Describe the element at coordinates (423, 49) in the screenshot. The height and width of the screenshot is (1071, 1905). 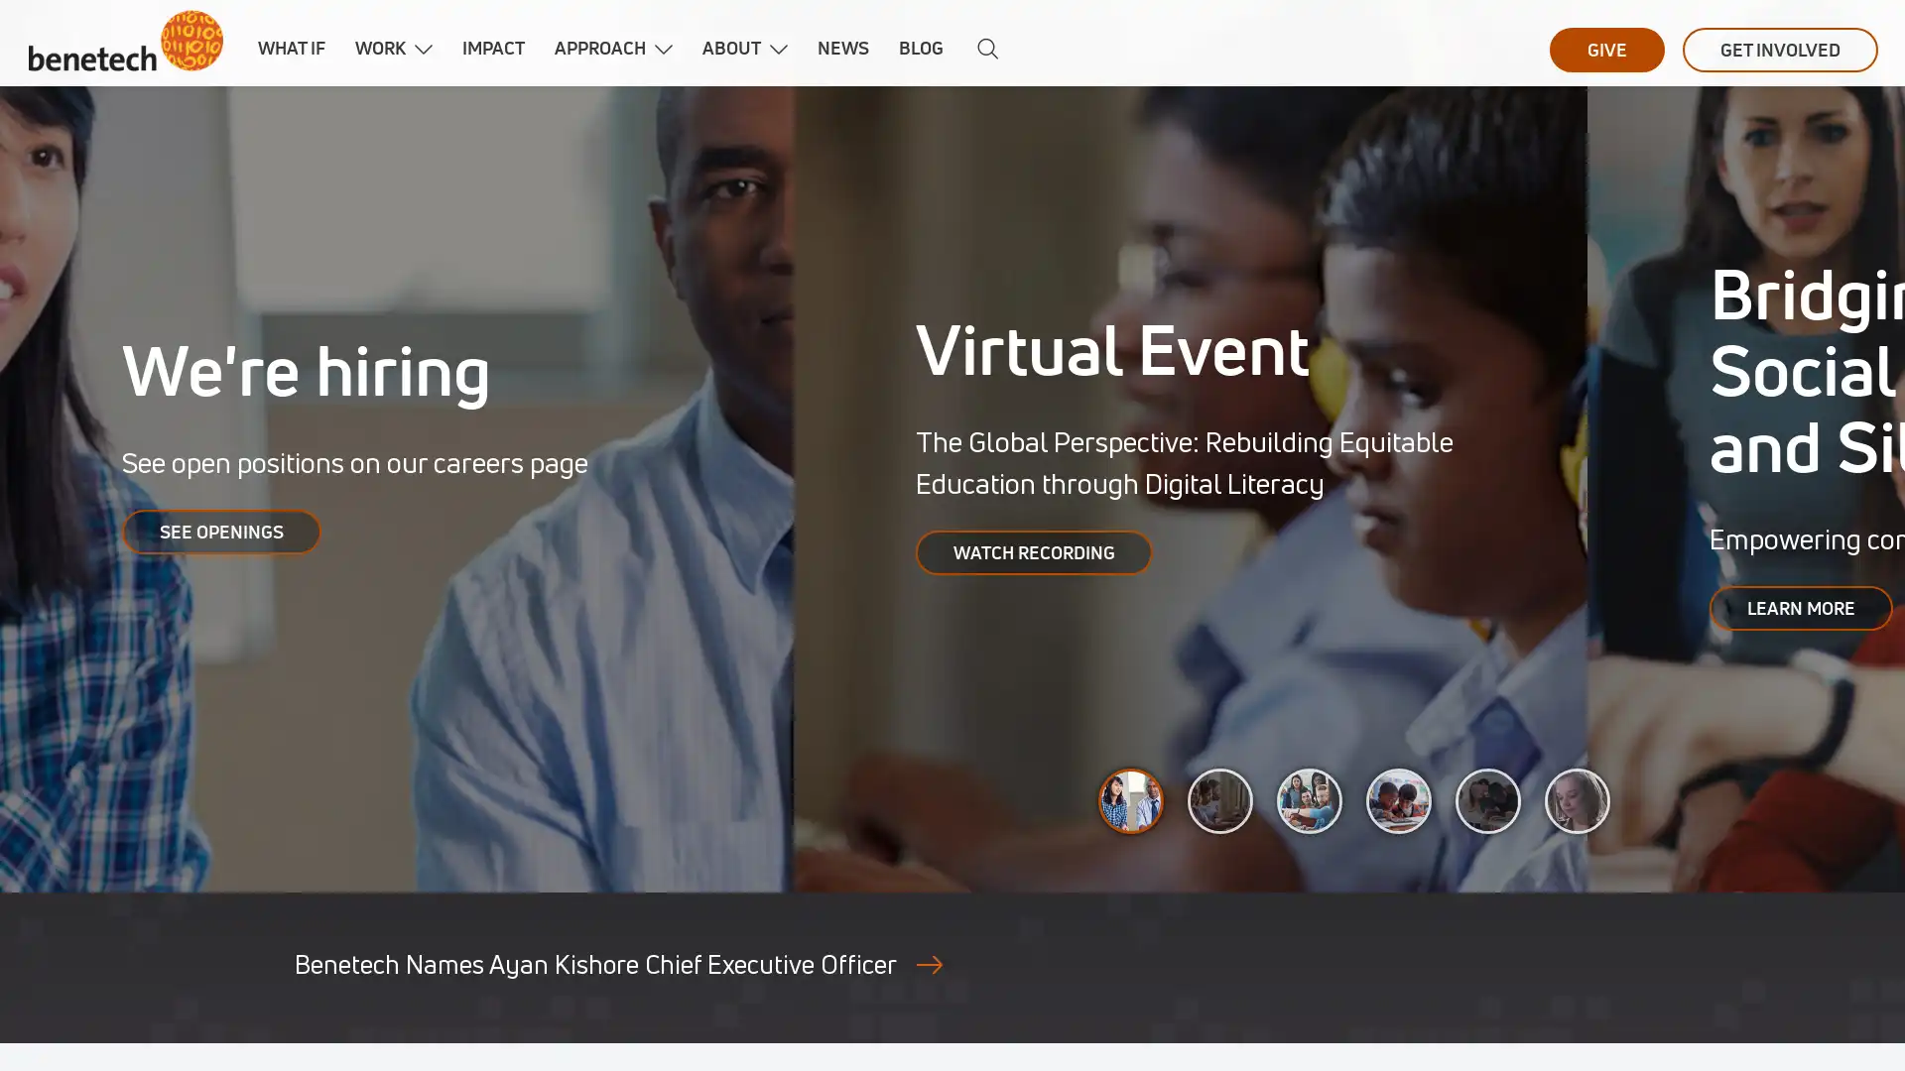
I see `Show dropdown menu for Work` at that location.